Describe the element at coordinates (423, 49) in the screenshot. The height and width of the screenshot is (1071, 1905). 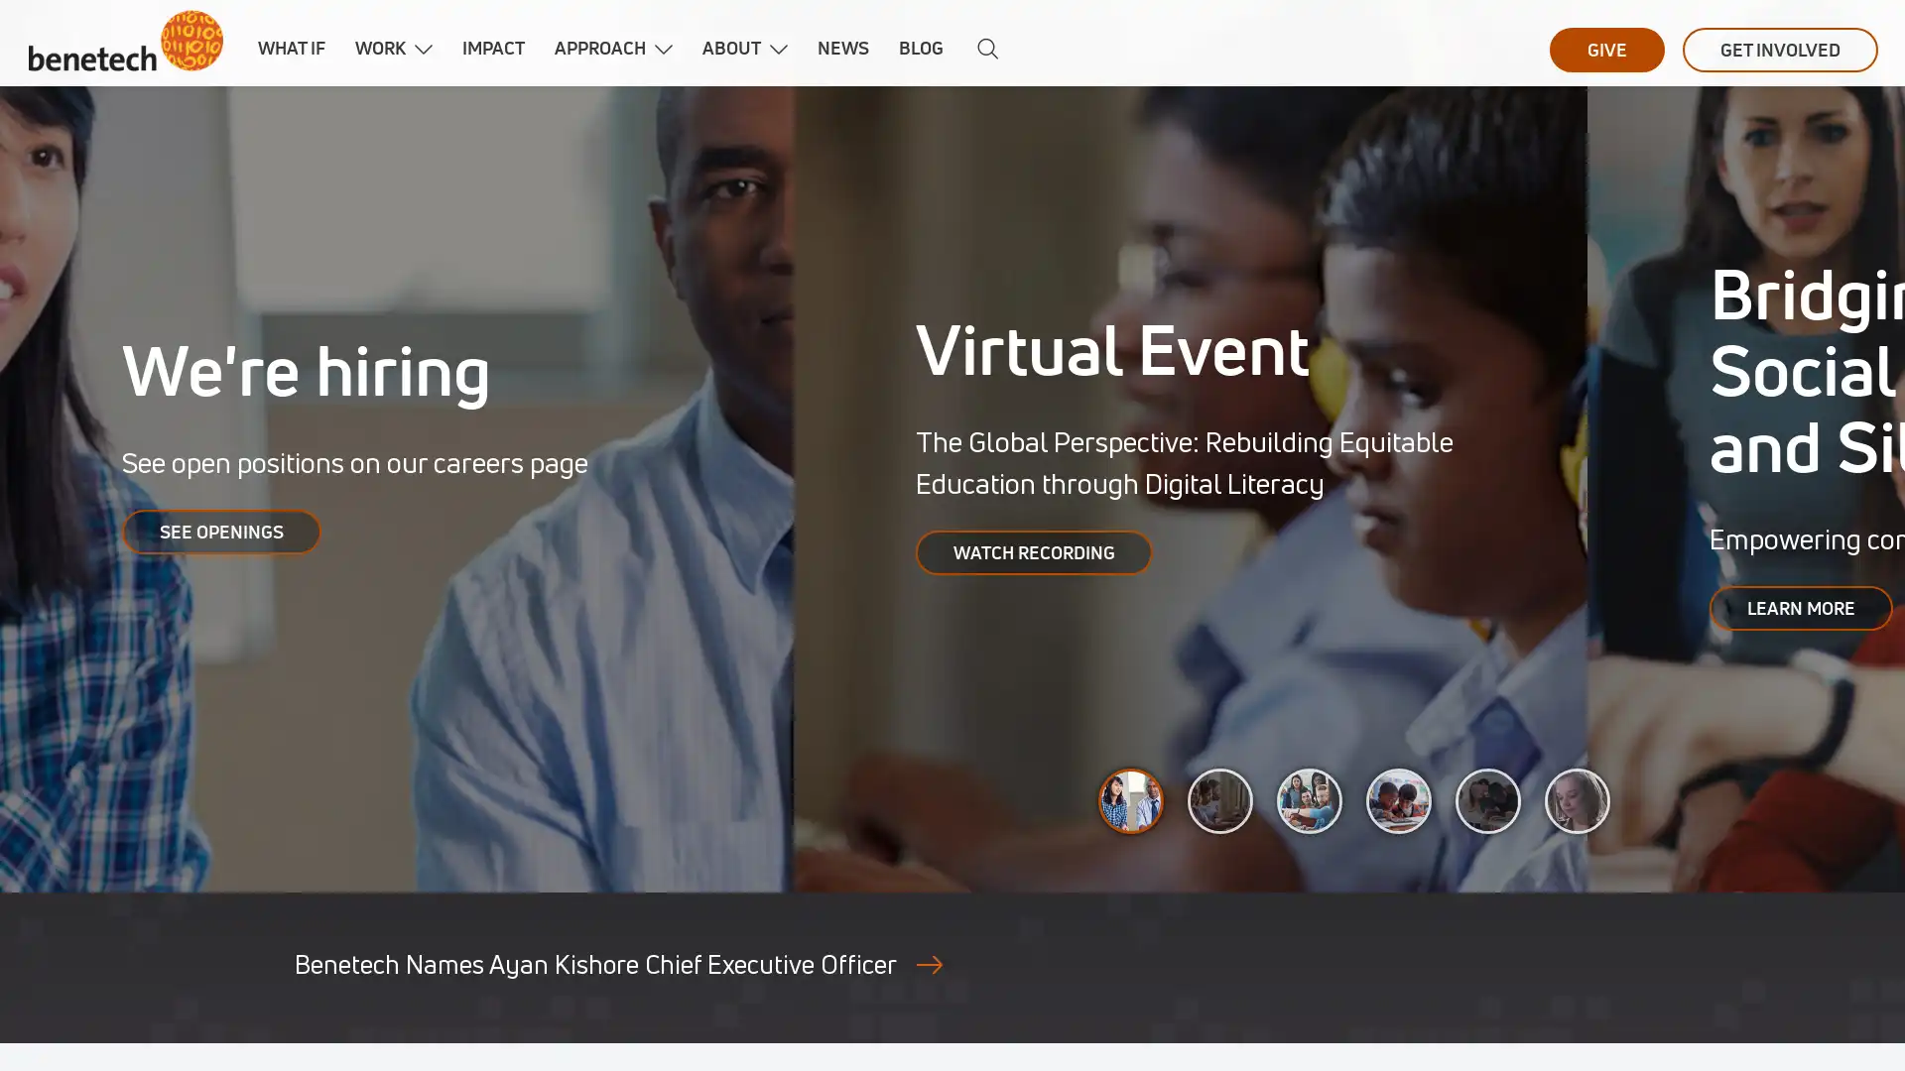
I see `Show dropdown menu for Work` at that location.